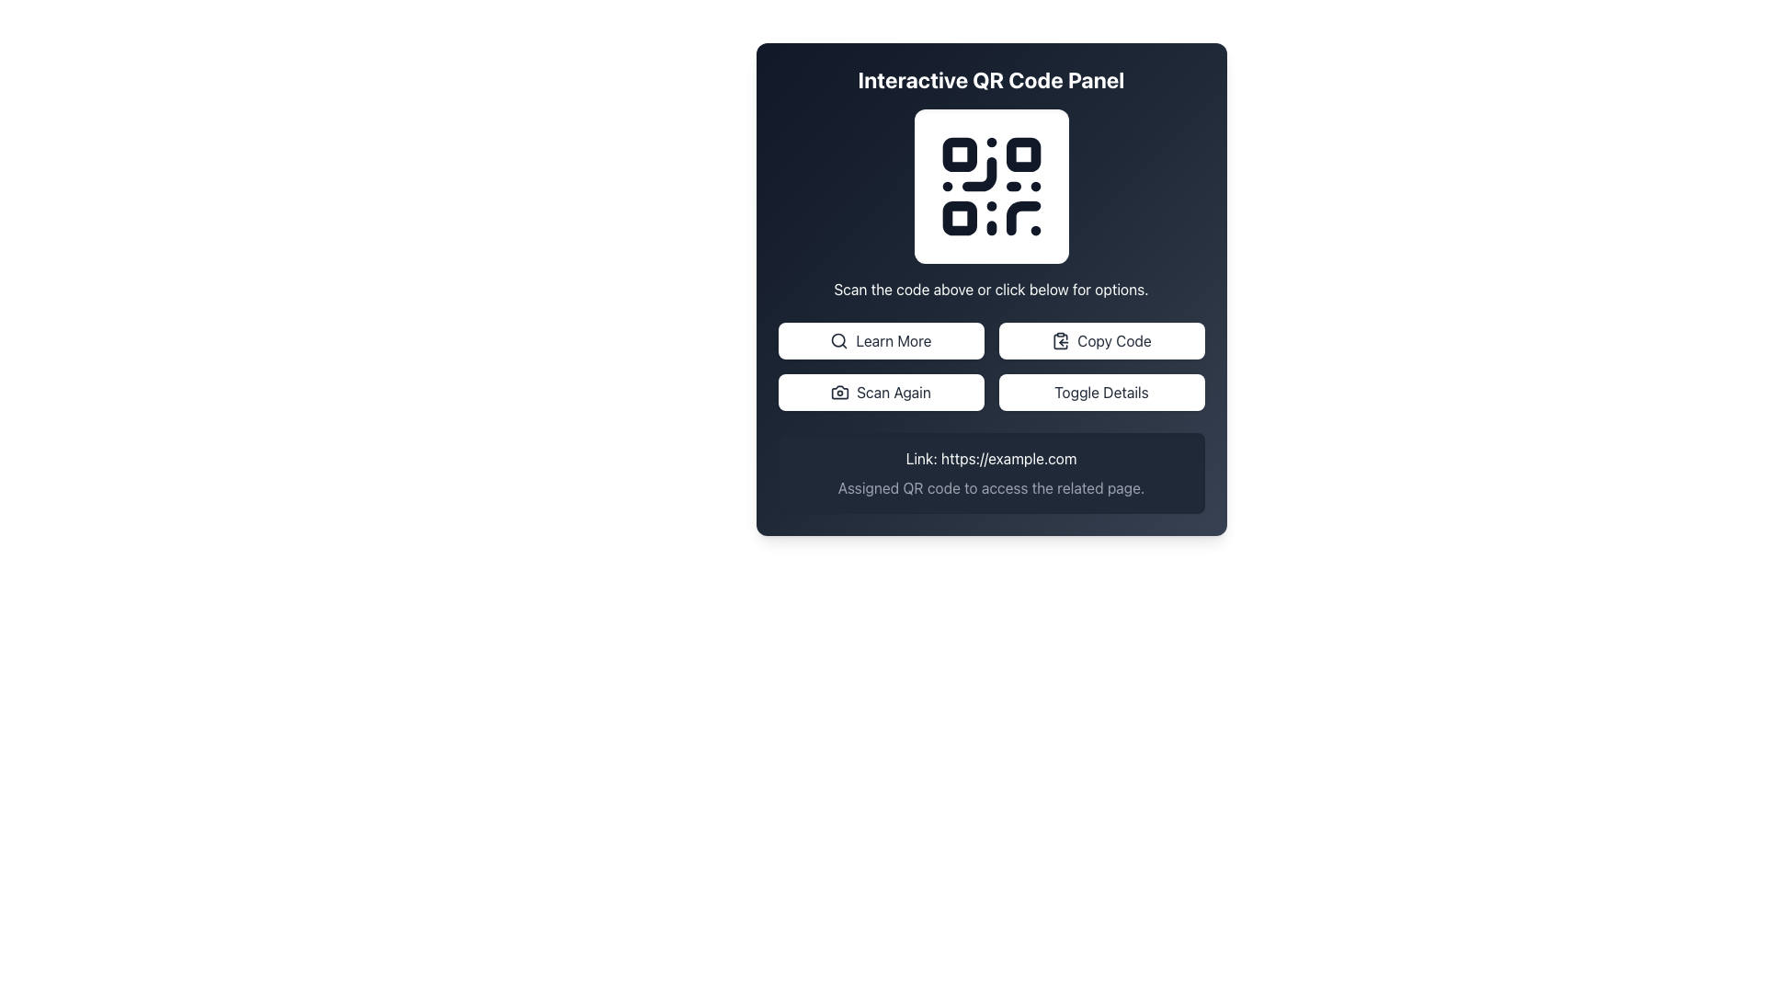 Image resolution: width=1765 pixels, height=993 pixels. What do you see at coordinates (990, 79) in the screenshot?
I see `bold, centered text labeled 'Interactive QR Code Panel' located at the top of the dark gradient background panel` at bounding box center [990, 79].